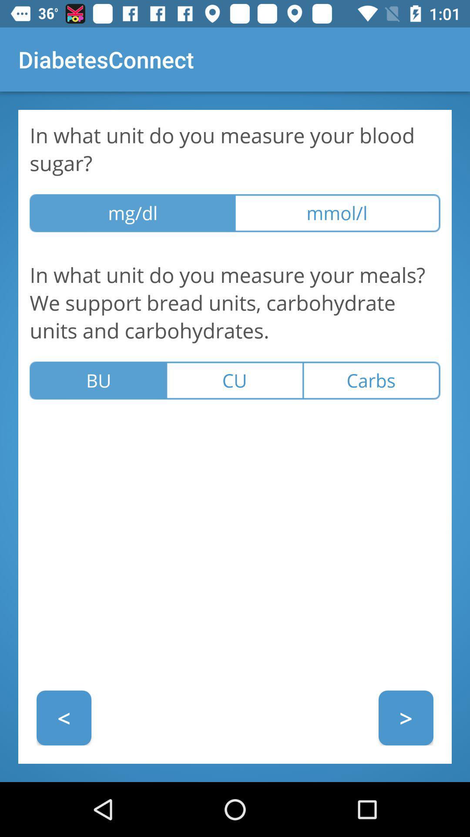 This screenshot has width=470, height=837. What do you see at coordinates (234, 381) in the screenshot?
I see `icon below in what unit` at bounding box center [234, 381].